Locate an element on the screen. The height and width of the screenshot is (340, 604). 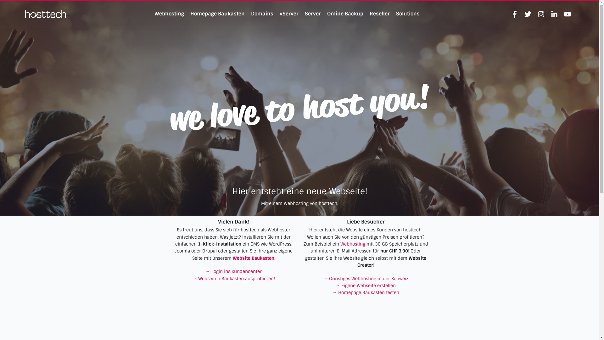
'vServer' is located at coordinates (288, 14).